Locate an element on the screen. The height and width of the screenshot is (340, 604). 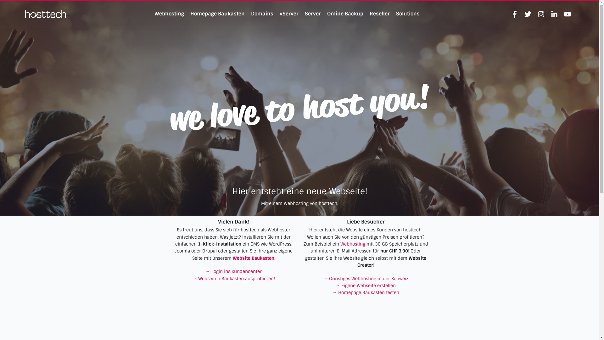
'vServer' is located at coordinates (288, 14).